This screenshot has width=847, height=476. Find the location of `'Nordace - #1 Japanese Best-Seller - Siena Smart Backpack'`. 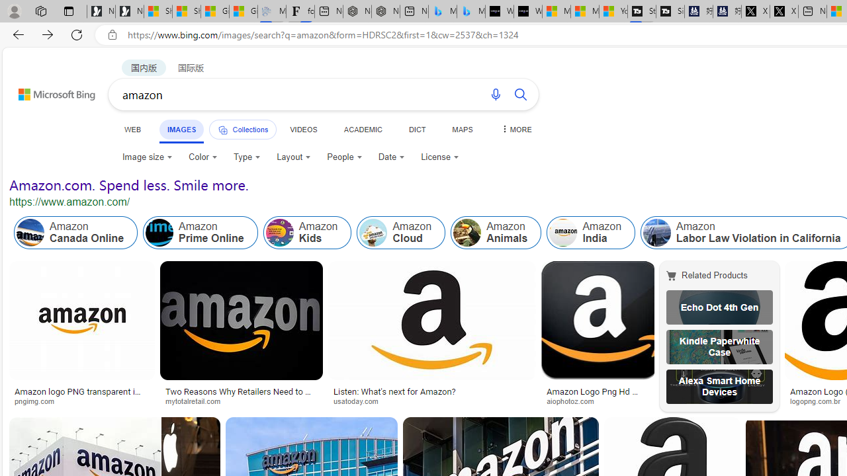

'Nordace - #1 Japanese Best-Seller - Siena Smart Backpack' is located at coordinates (385, 11).